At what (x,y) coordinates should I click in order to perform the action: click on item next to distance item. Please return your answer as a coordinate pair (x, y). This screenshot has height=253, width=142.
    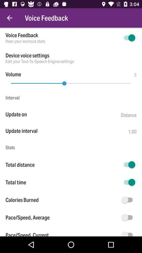
    Looking at the image, I should click on (63, 114).